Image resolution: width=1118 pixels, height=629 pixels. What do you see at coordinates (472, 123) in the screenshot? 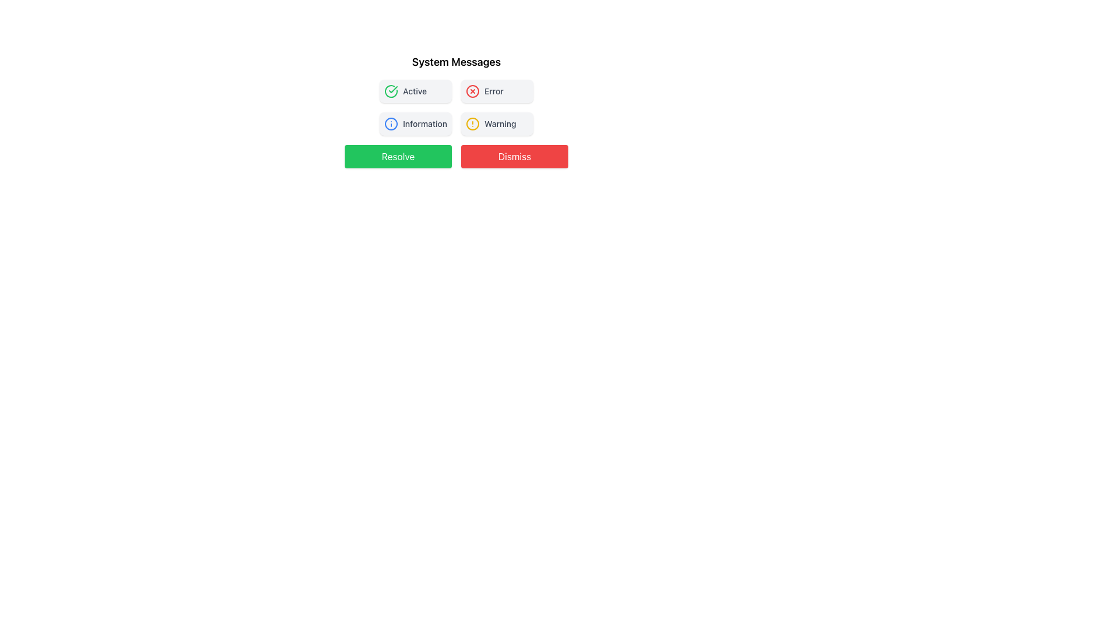
I see `the warning icon that signifies a warning or alert state, located to the left of the text label 'Warning' in a horizontally aligned group` at bounding box center [472, 123].